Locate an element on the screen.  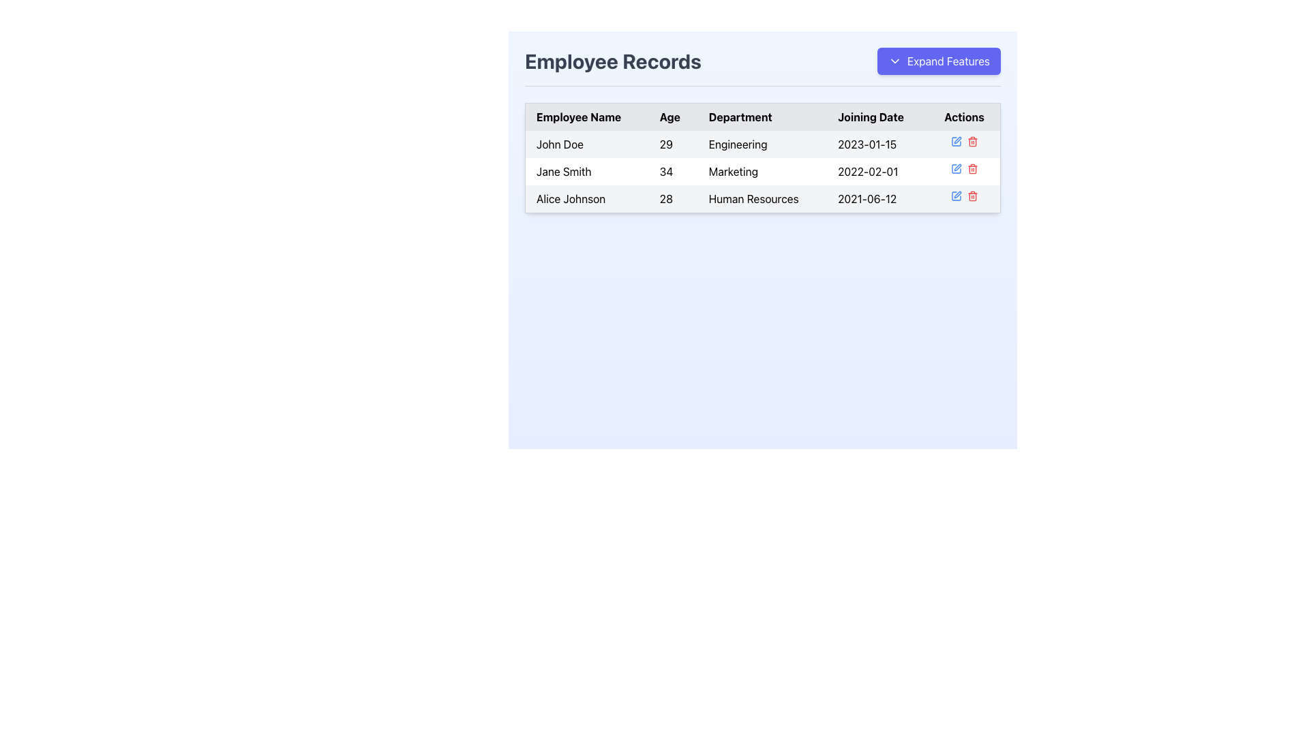
'Age' text label for the employee 'Alice Johnson' located in the second column of the table is located at coordinates (673, 199).